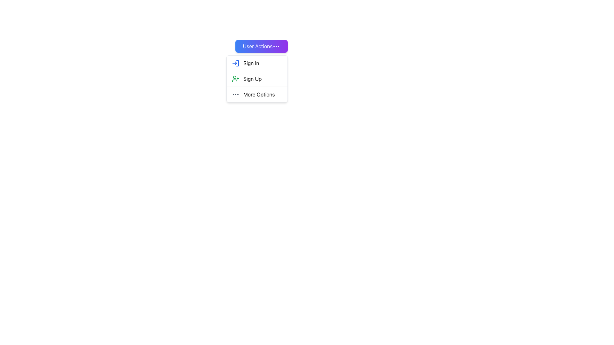 This screenshot has width=614, height=345. Describe the element at coordinates (235, 95) in the screenshot. I see `the ellipsis icon representing 'More Options' located in the dropdown menu under the 'User Actions' button, positioned to the left of the text label 'More Options'` at that location.